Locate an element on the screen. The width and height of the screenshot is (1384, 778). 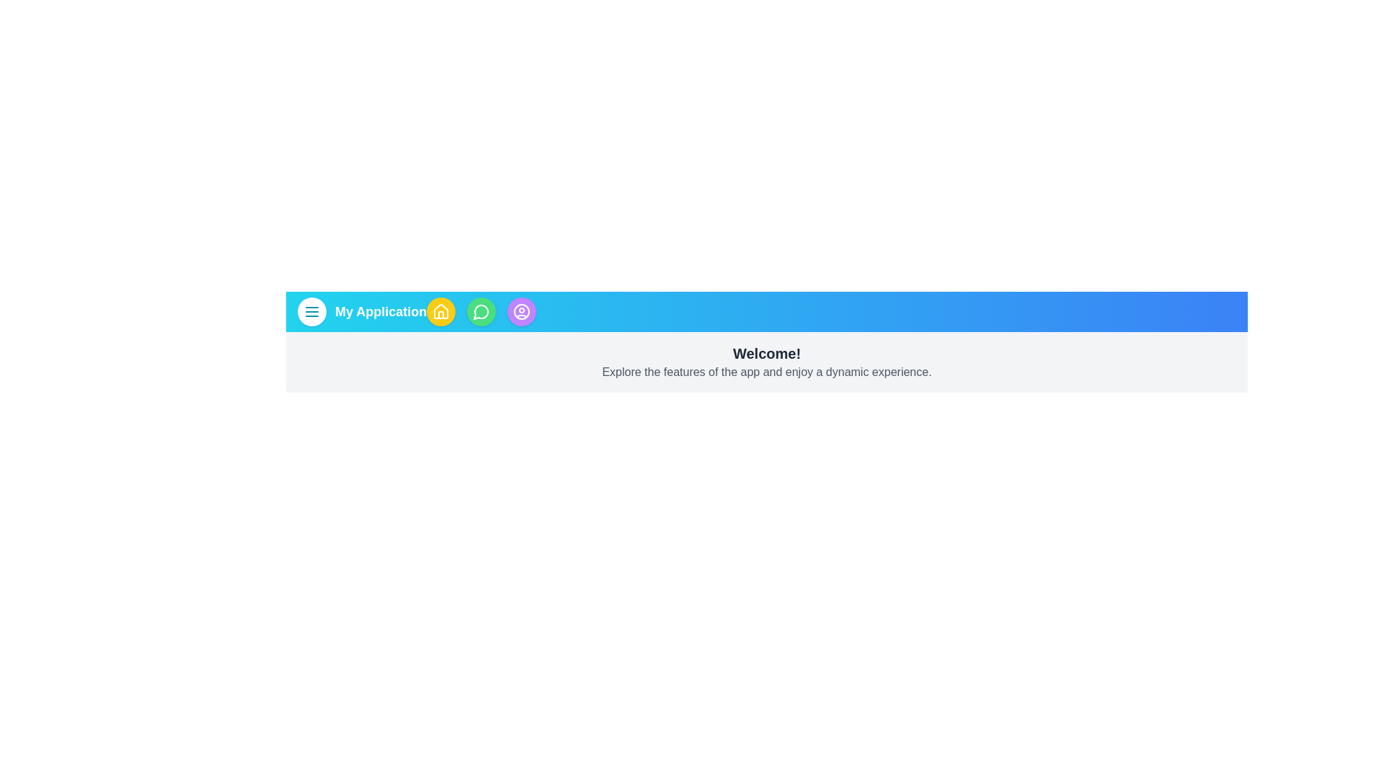
the home button to navigate to the home page is located at coordinates (440, 310).